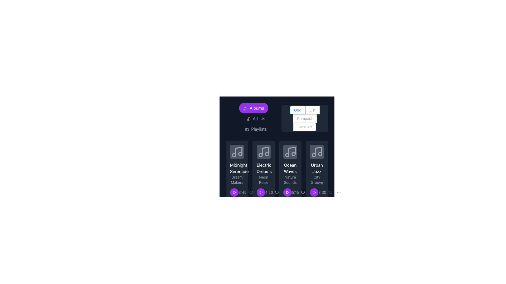 This screenshot has width=506, height=284. What do you see at coordinates (305, 127) in the screenshot?
I see `the 'Detailed' radio button in the top-right section of the content area` at bounding box center [305, 127].